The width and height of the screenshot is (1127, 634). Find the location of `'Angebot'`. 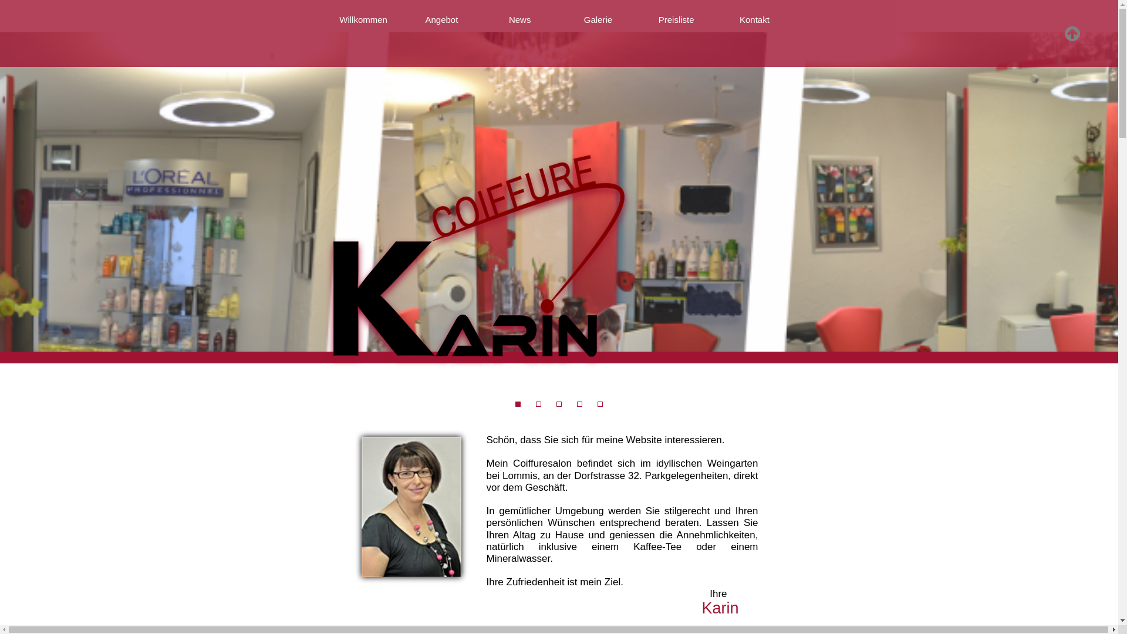

'Angebot' is located at coordinates (441, 20).